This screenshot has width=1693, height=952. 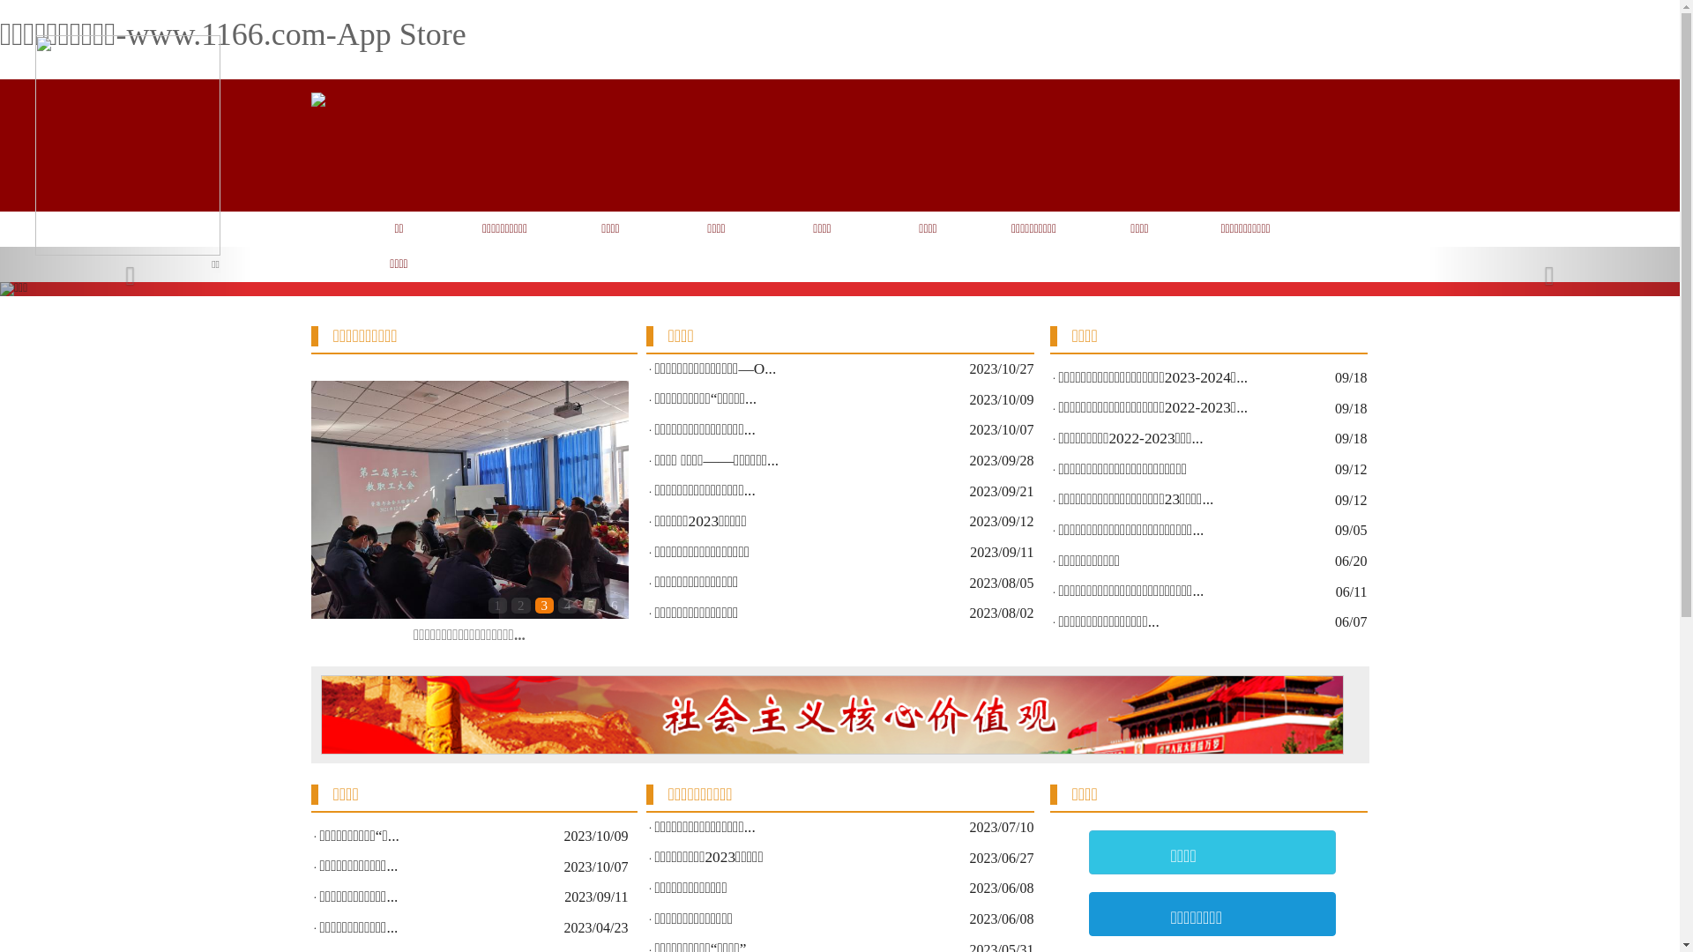 I want to click on '6', so click(x=614, y=604).